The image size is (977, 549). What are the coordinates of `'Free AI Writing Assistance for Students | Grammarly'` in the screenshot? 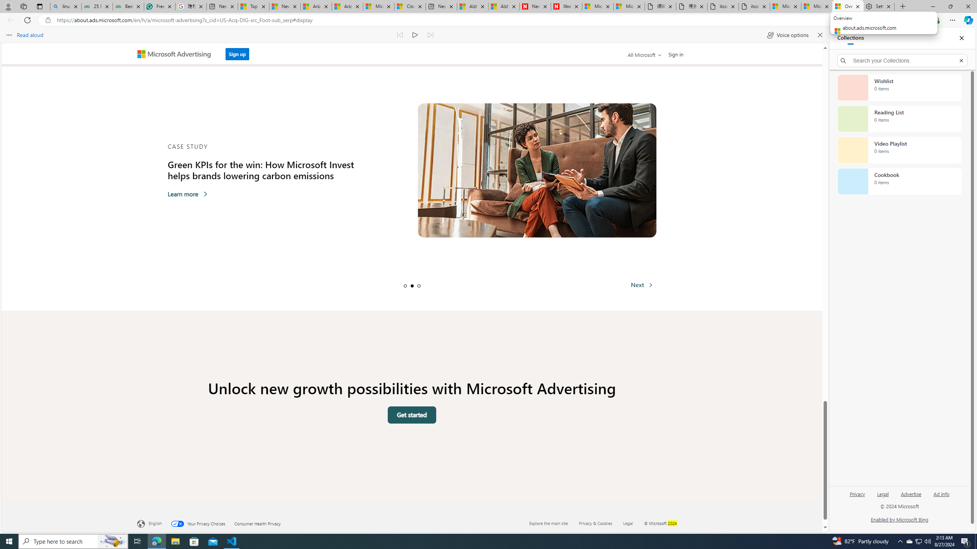 It's located at (159, 6).